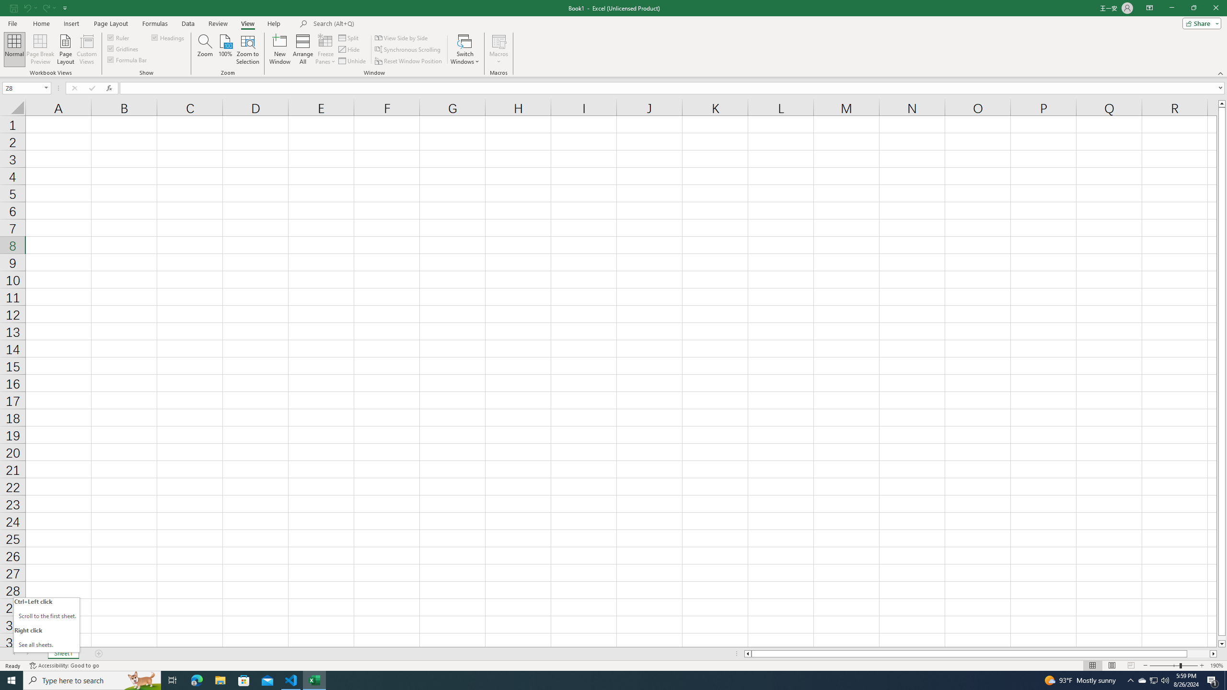  Describe the element at coordinates (1164, 666) in the screenshot. I see `'Zoom Out'` at that location.